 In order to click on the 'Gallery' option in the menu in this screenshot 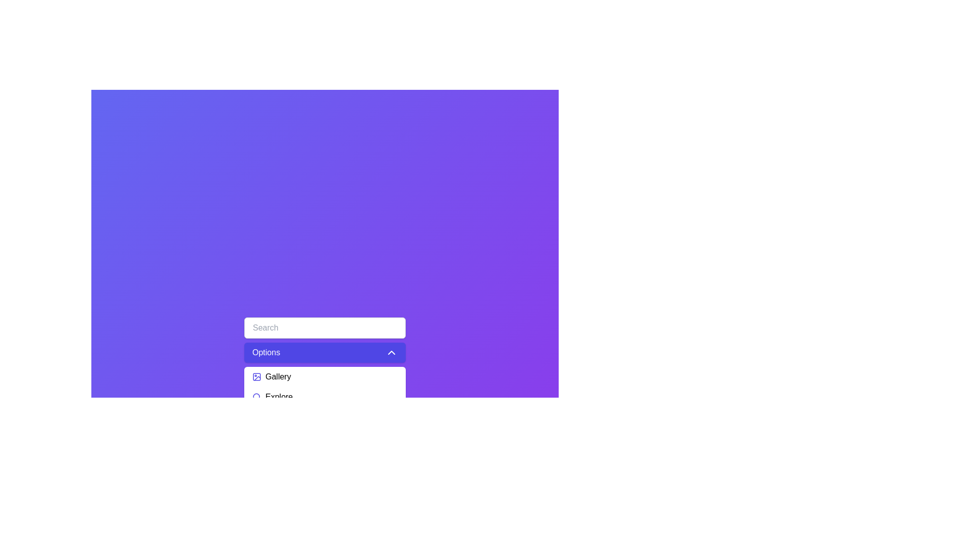, I will do `click(325, 377)`.